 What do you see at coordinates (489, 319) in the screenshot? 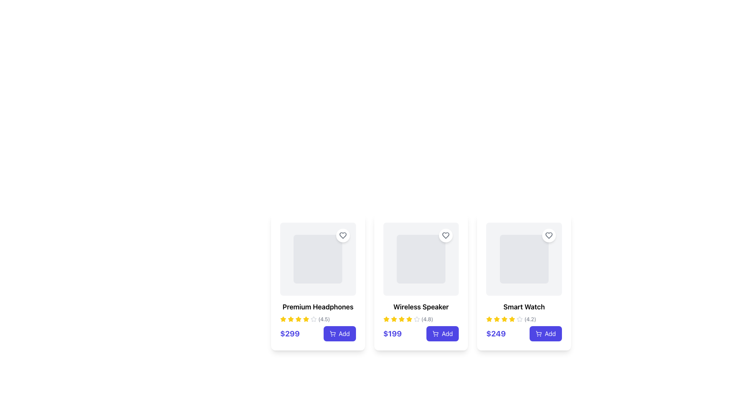
I see `the star icon located in the 'Smart Watch' product card, which is used to interact with the rating system` at bounding box center [489, 319].